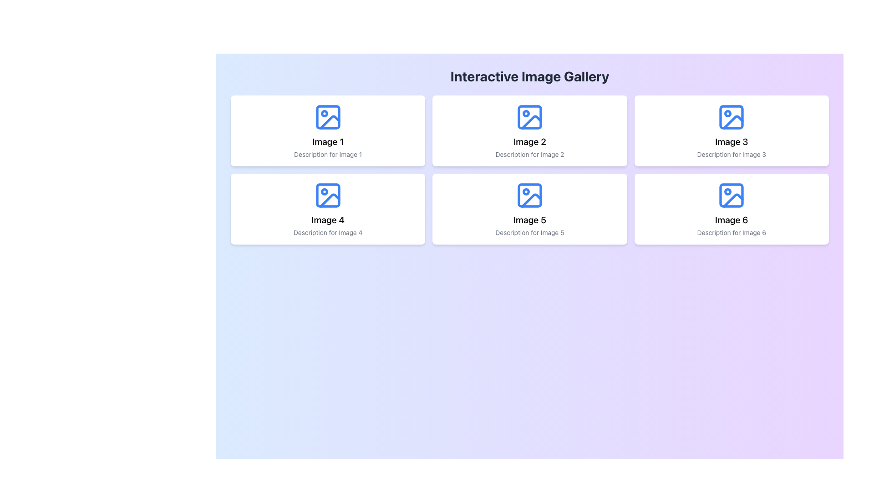  Describe the element at coordinates (732, 117) in the screenshot. I see `the decorative icon for 'Image 3' located in the upper section of the card, which helps in visual identification of photo-related content` at that location.